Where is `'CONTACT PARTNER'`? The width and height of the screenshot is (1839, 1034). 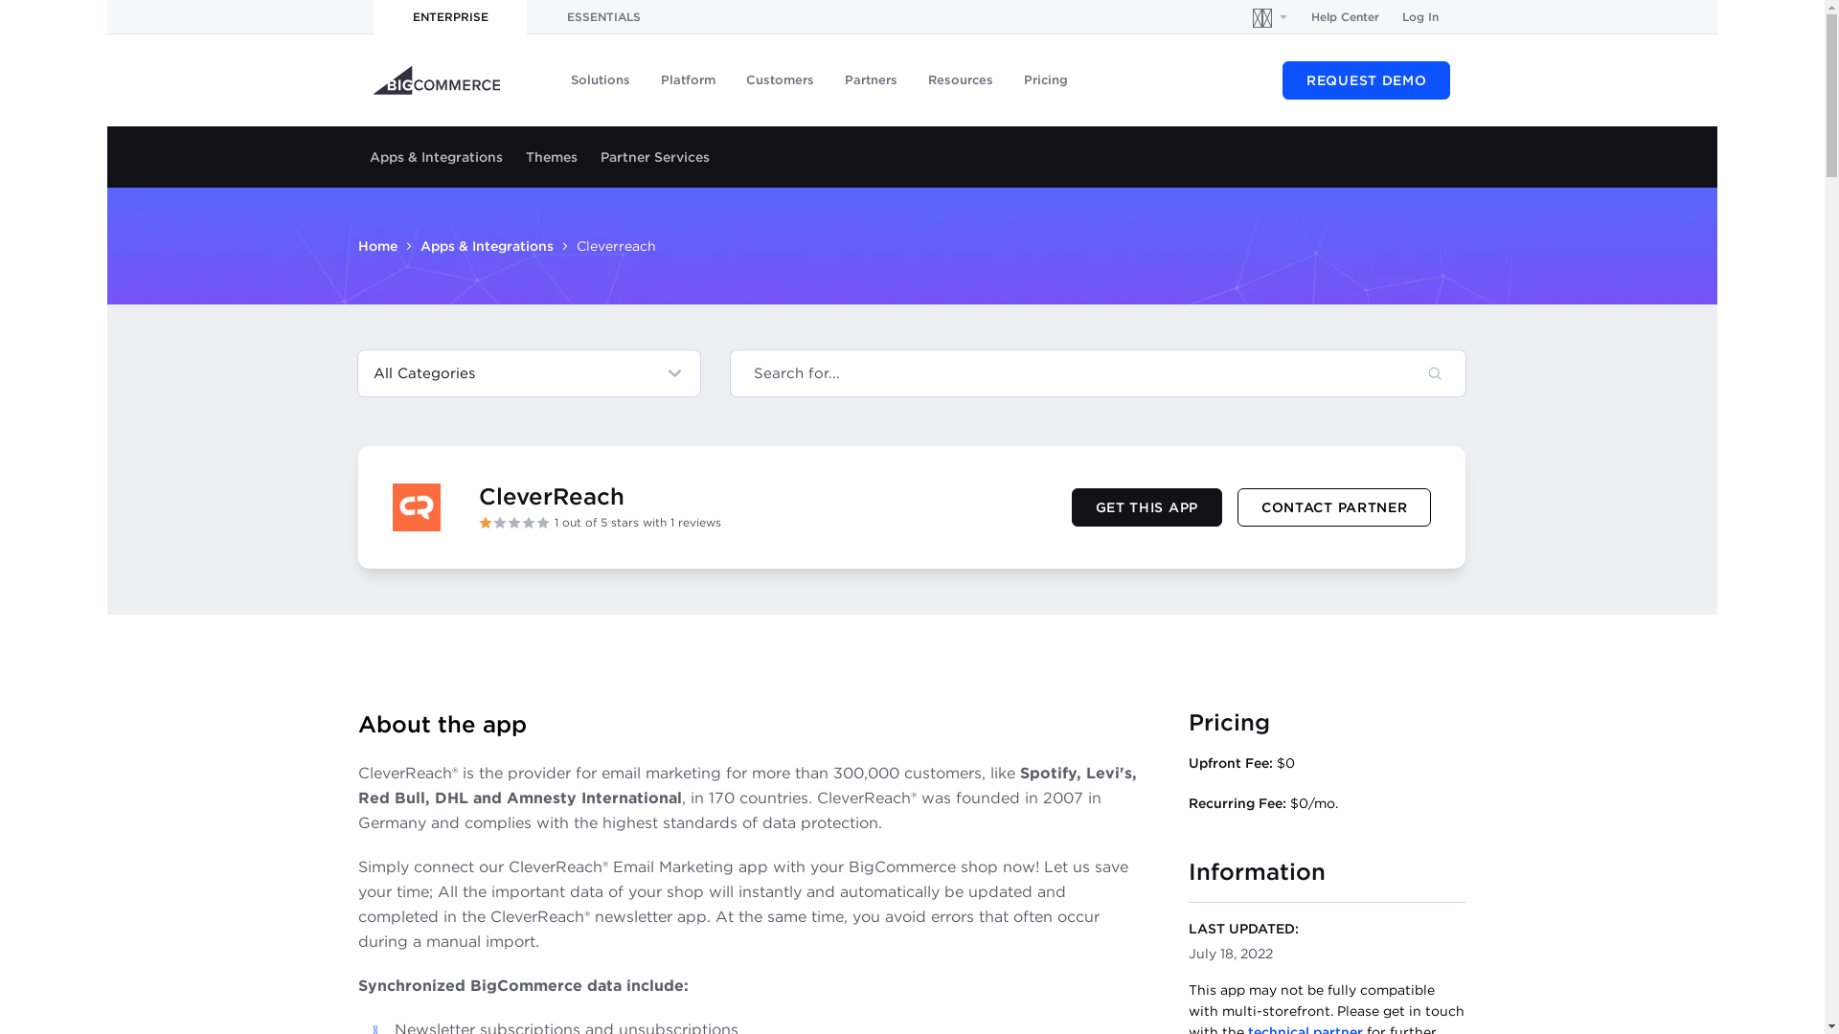
'CONTACT PARTNER' is located at coordinates (1333, 506).